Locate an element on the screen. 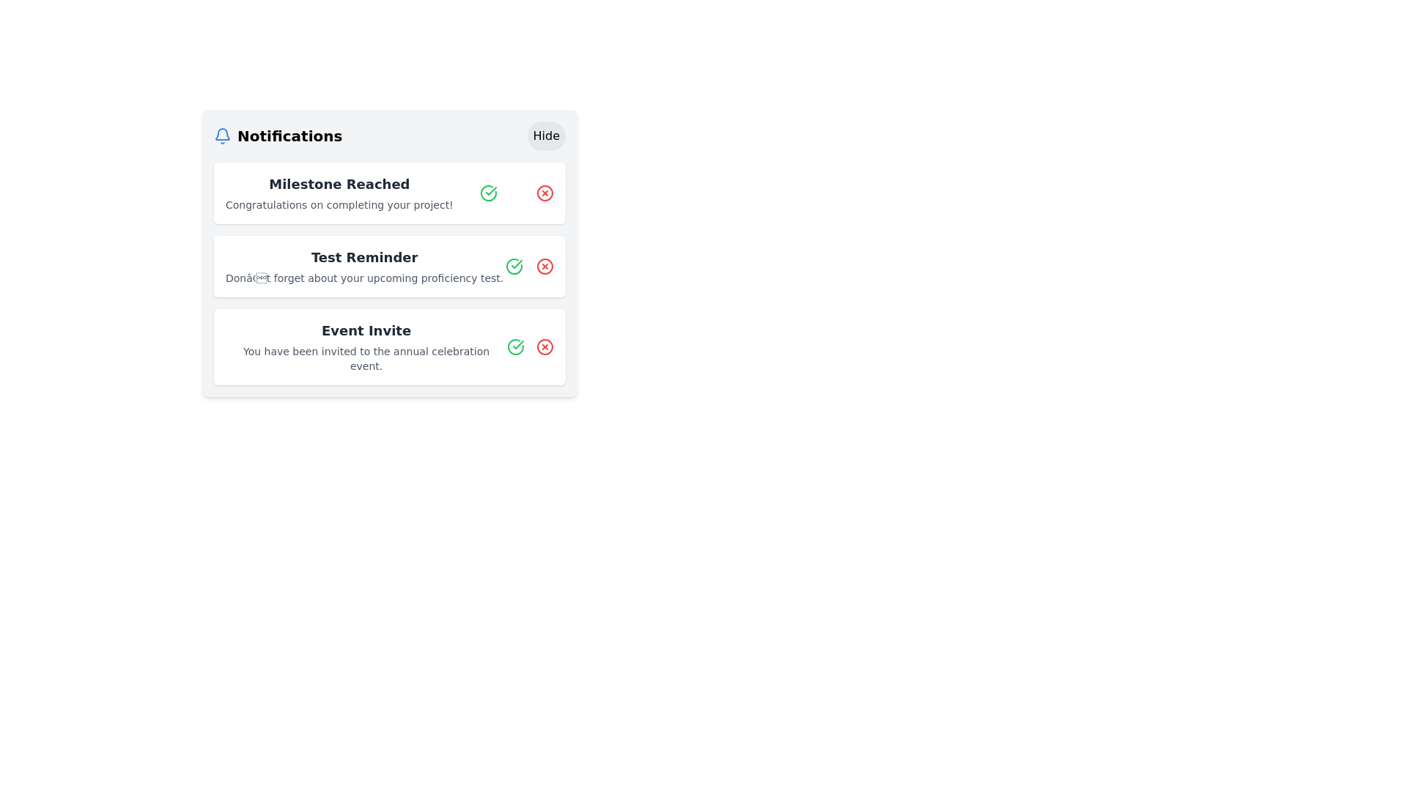  the positive confirmation status icon associated with the 'Test Reminder' notification by moving the cursor to its center point is located at coordinates (514, 266).